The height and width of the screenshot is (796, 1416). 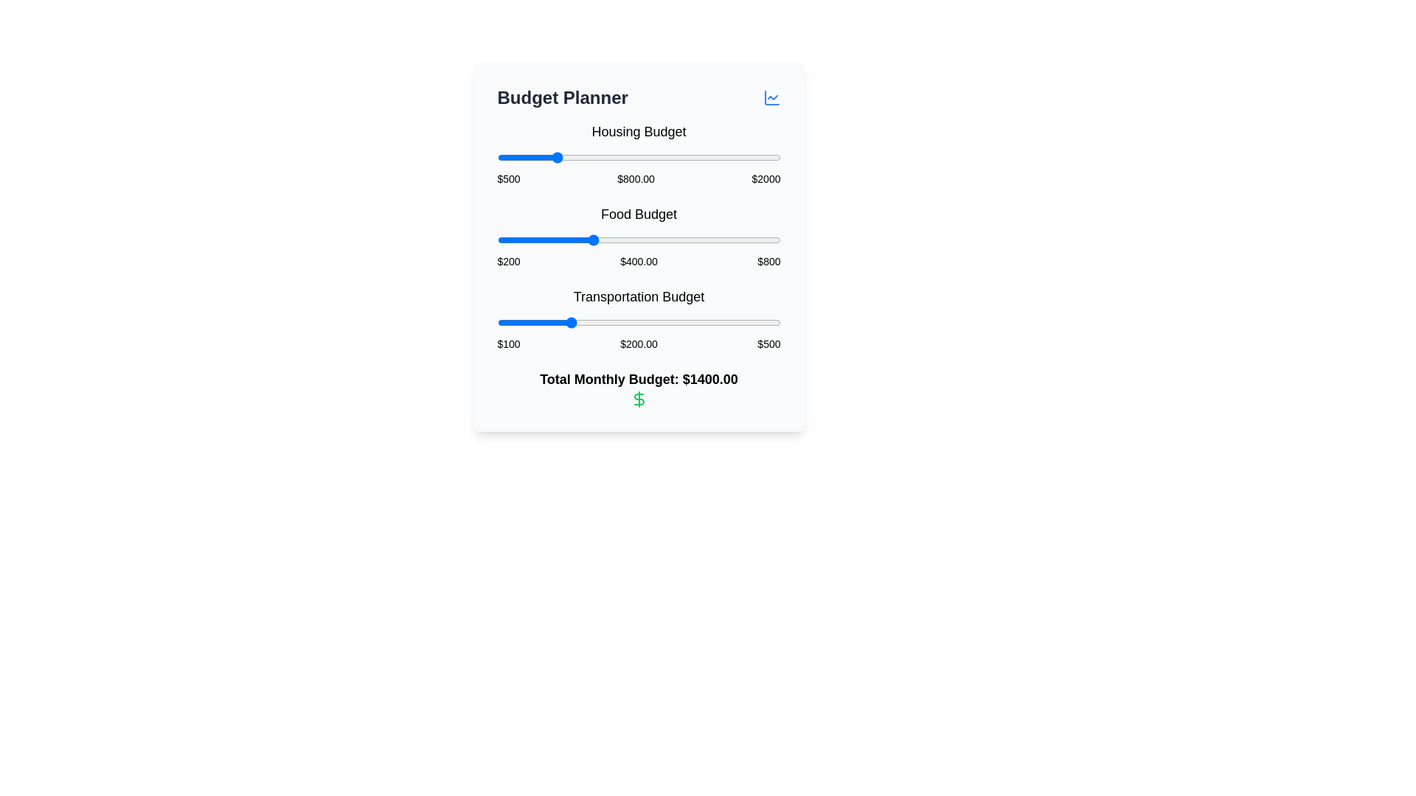 What do you see at coordinates (693, 240) in the screenshot?
I see `the Food Budget slider` at bounding box center [693, 240].